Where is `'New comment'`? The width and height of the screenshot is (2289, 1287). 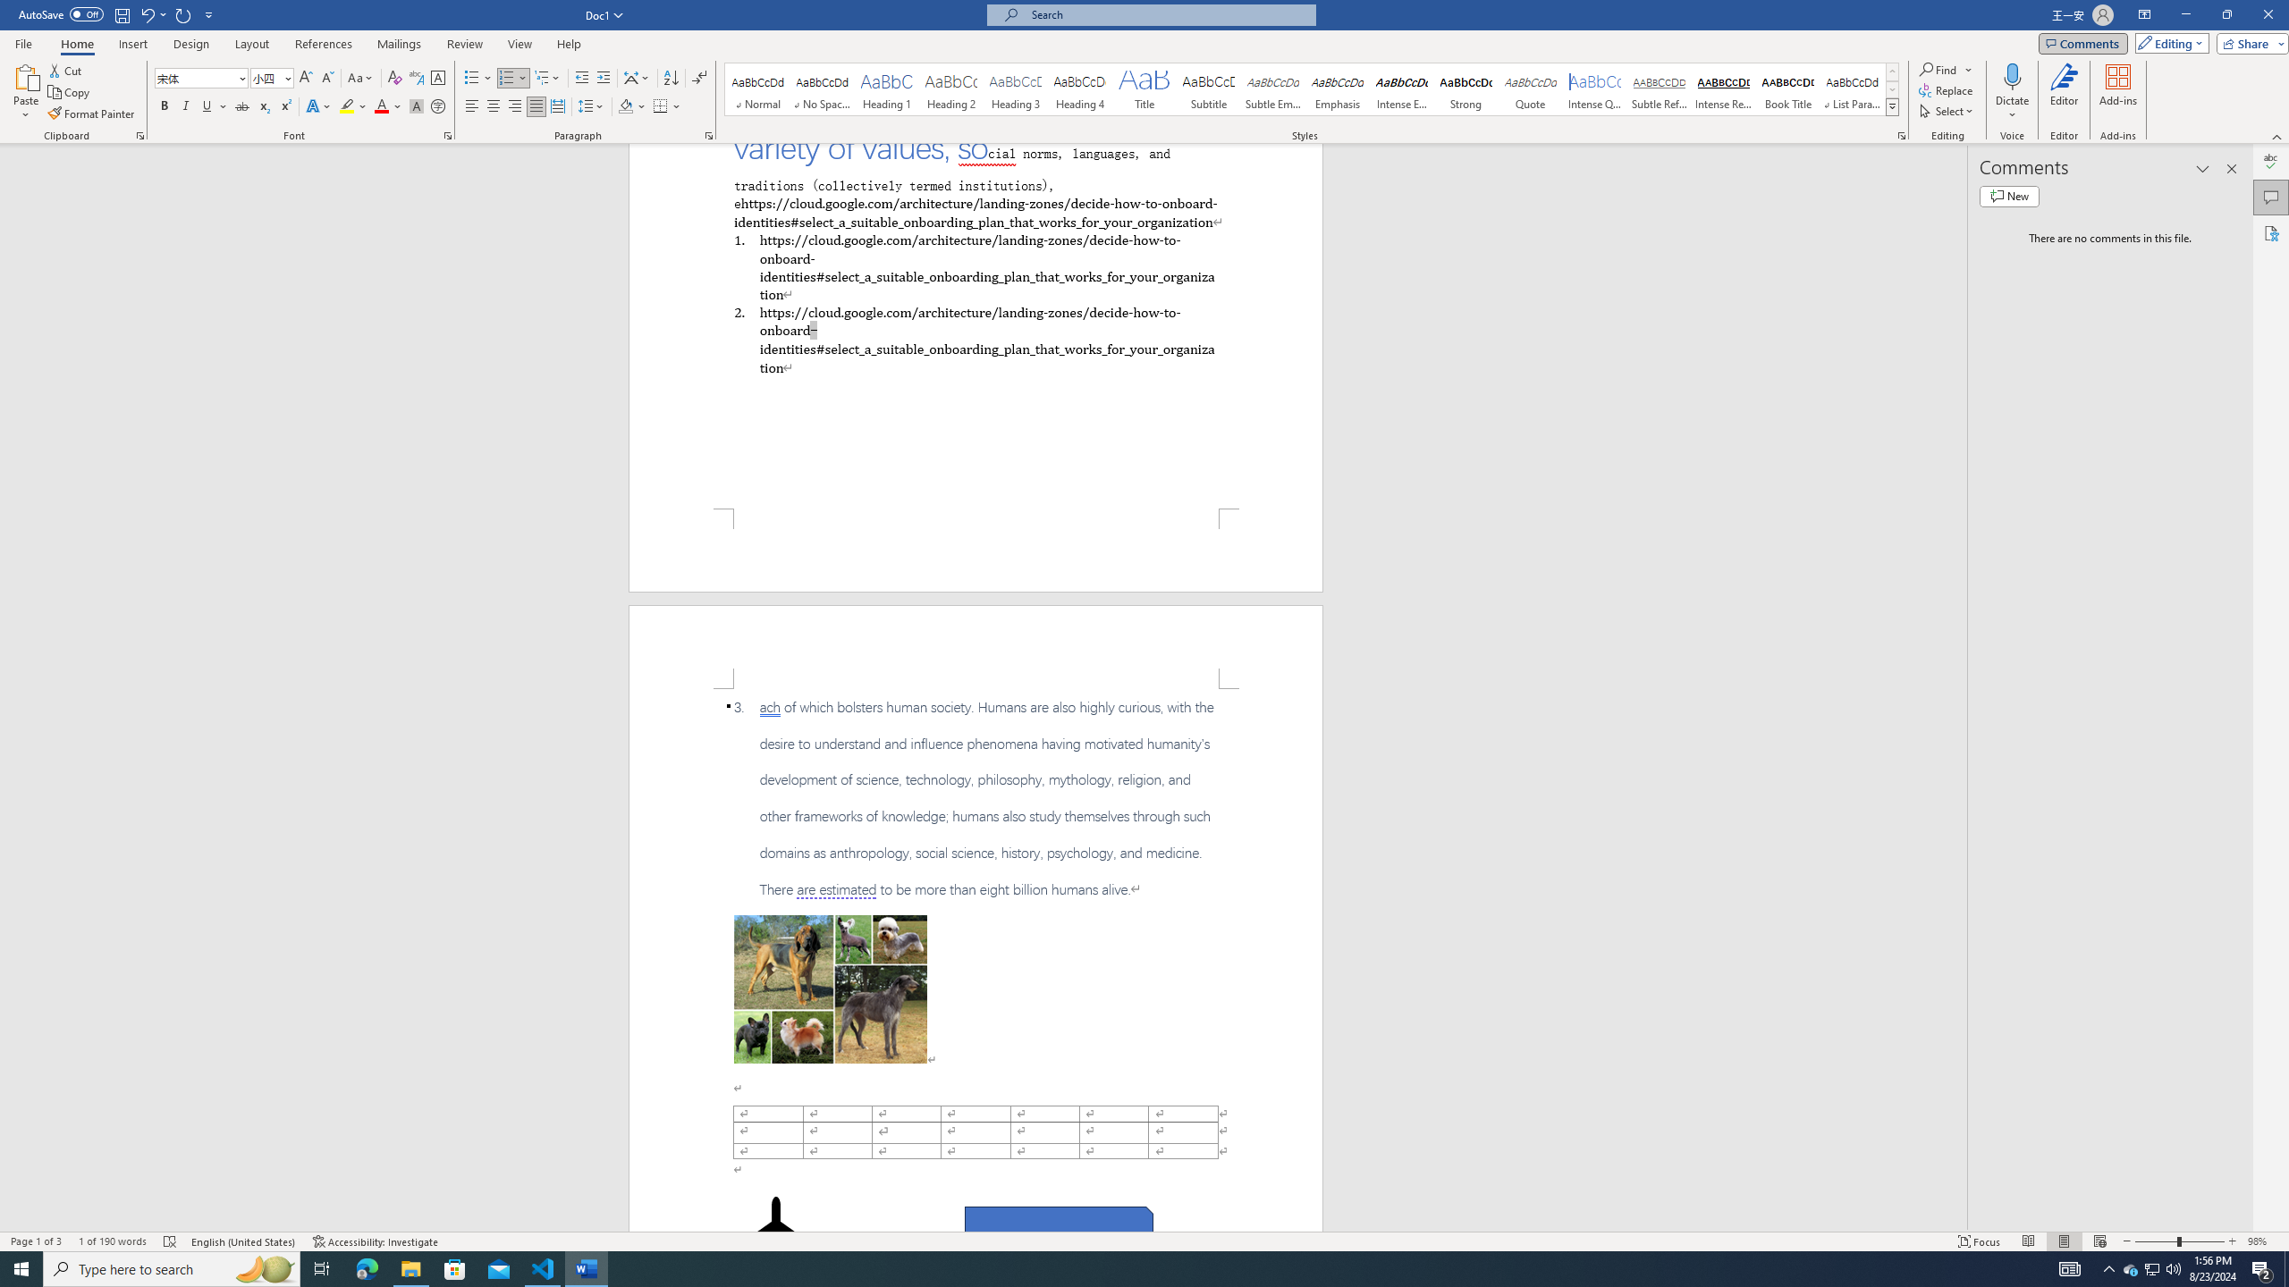 'New comment' is located at coordinates (2008, 195).